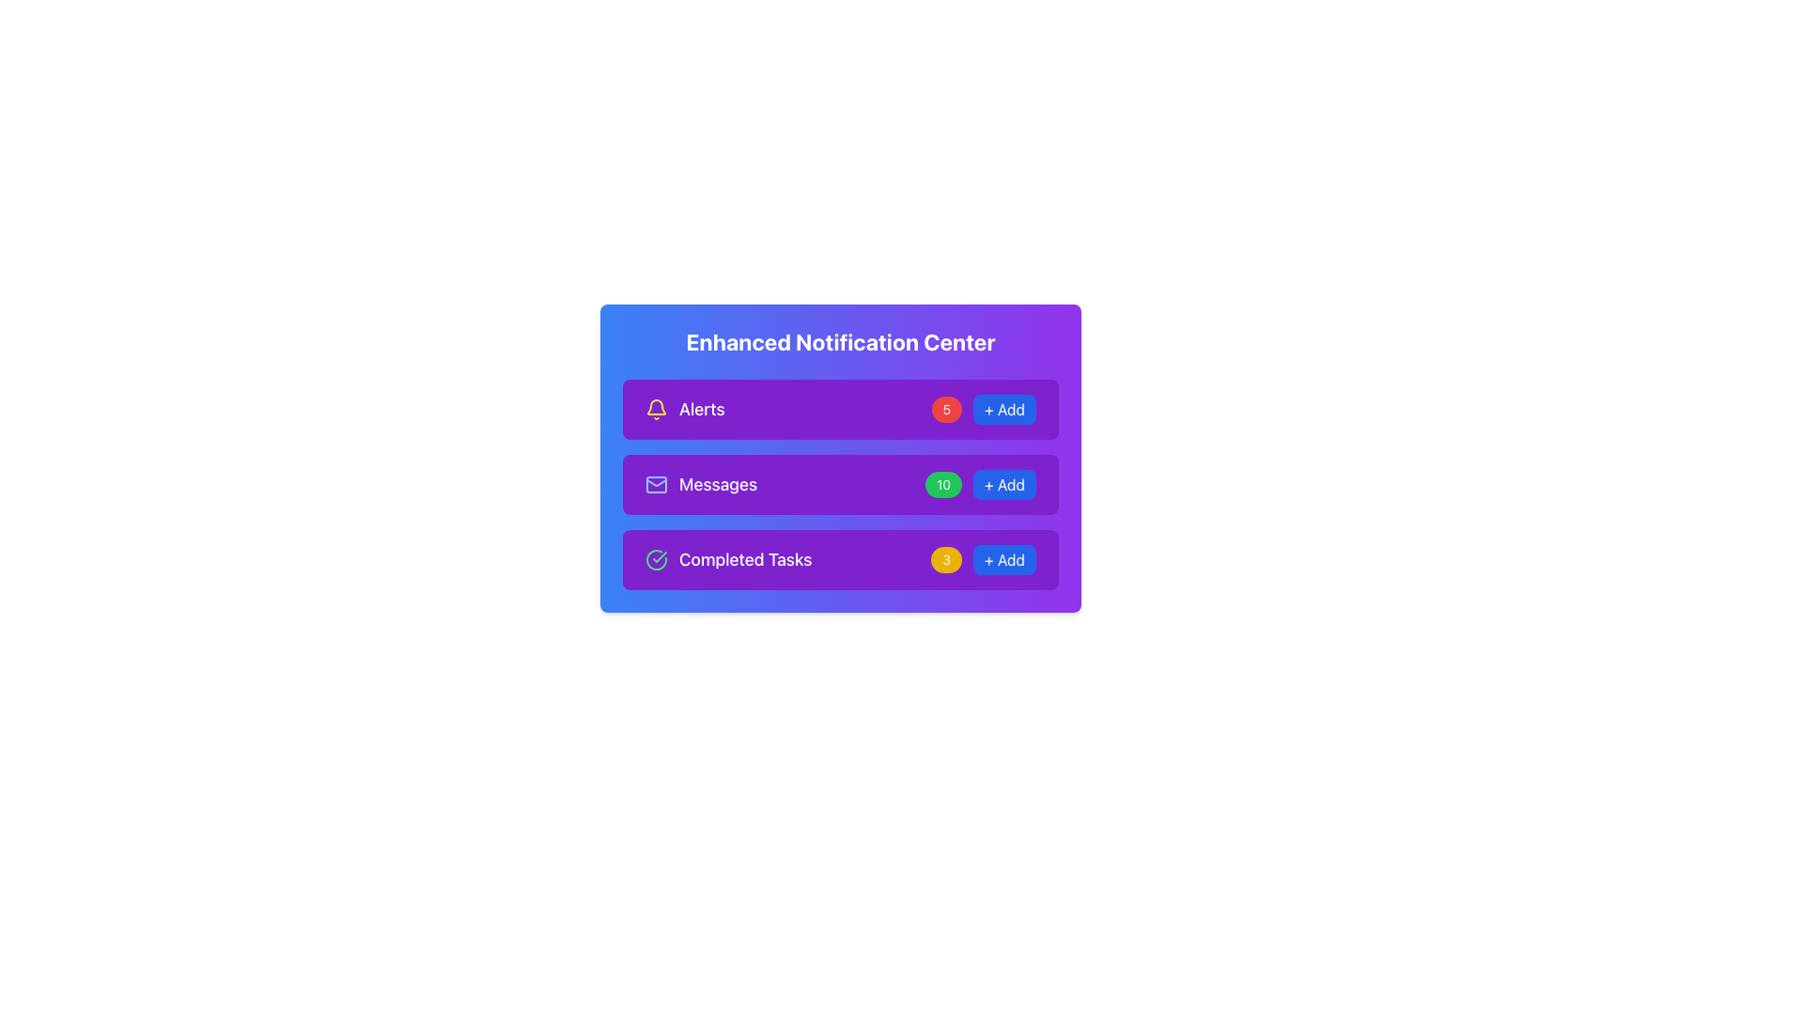 This screenshot has width=1804, height=1015. I want to click on the 'Messages' notifications section which includes a count badge and a '+ Add' button, located in the Enhanced Notification Center, second in the vertical stack, so click(839, 484).